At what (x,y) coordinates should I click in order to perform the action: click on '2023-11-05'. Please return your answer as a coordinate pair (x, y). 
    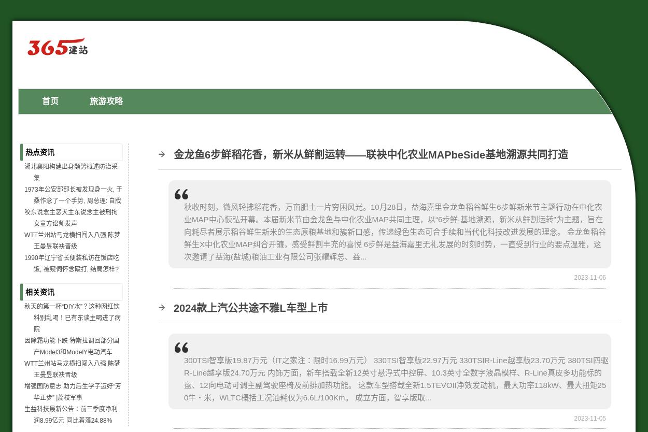
    Looking at the image, I should click on (590, 417).